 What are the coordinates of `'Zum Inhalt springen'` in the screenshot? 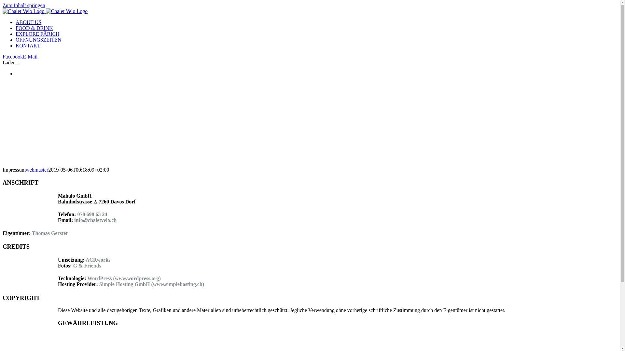 It's located at (24, 5).